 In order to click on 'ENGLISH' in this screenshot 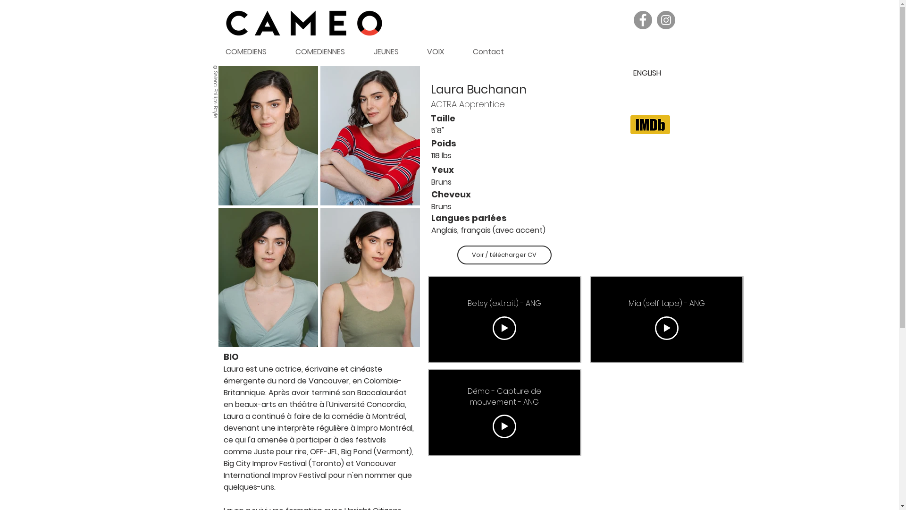, I will do `click(646, 72)`.